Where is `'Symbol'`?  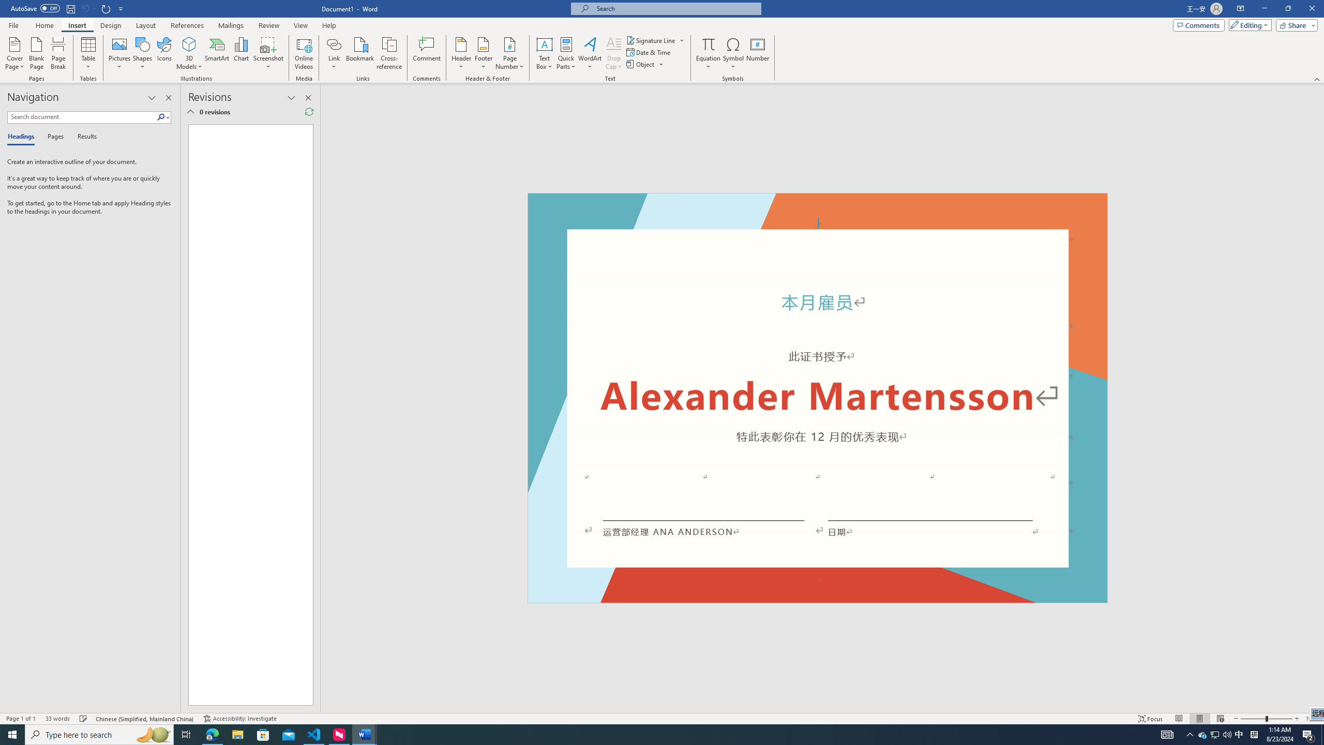 'Symbol' is located at coordinates (733, 53).